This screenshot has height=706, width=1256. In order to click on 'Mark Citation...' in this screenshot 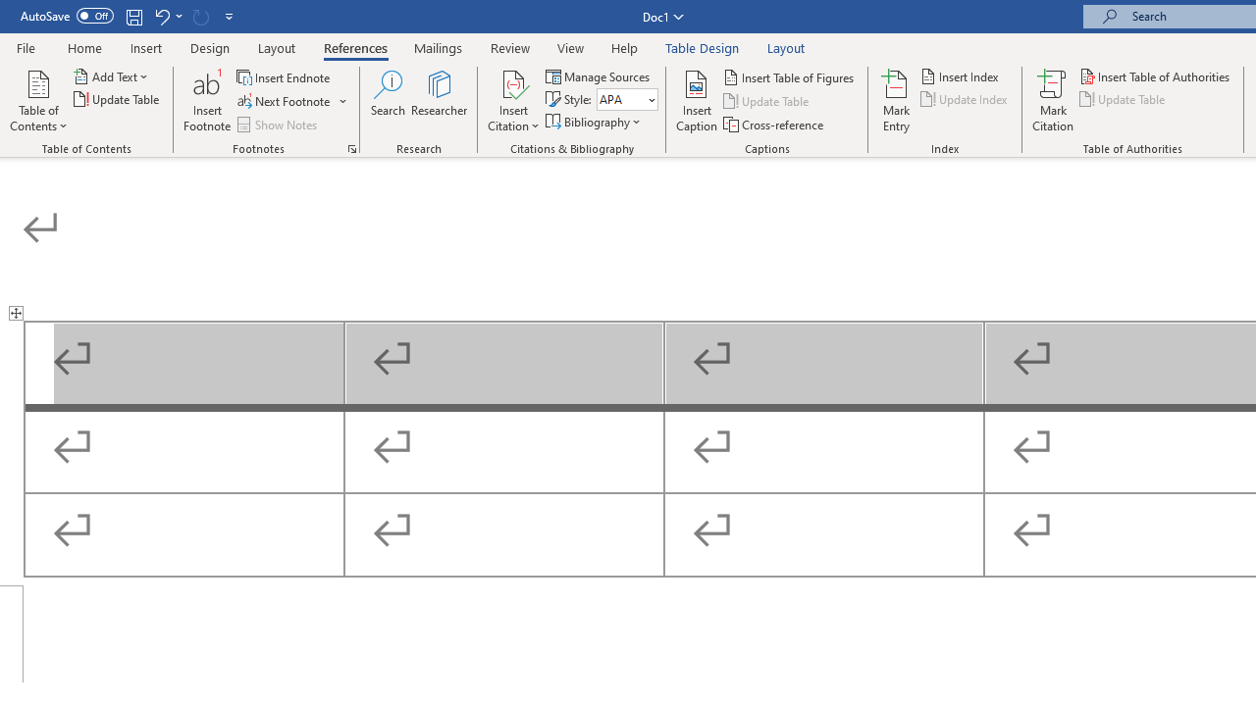, I will do `click(1052, 101)`.